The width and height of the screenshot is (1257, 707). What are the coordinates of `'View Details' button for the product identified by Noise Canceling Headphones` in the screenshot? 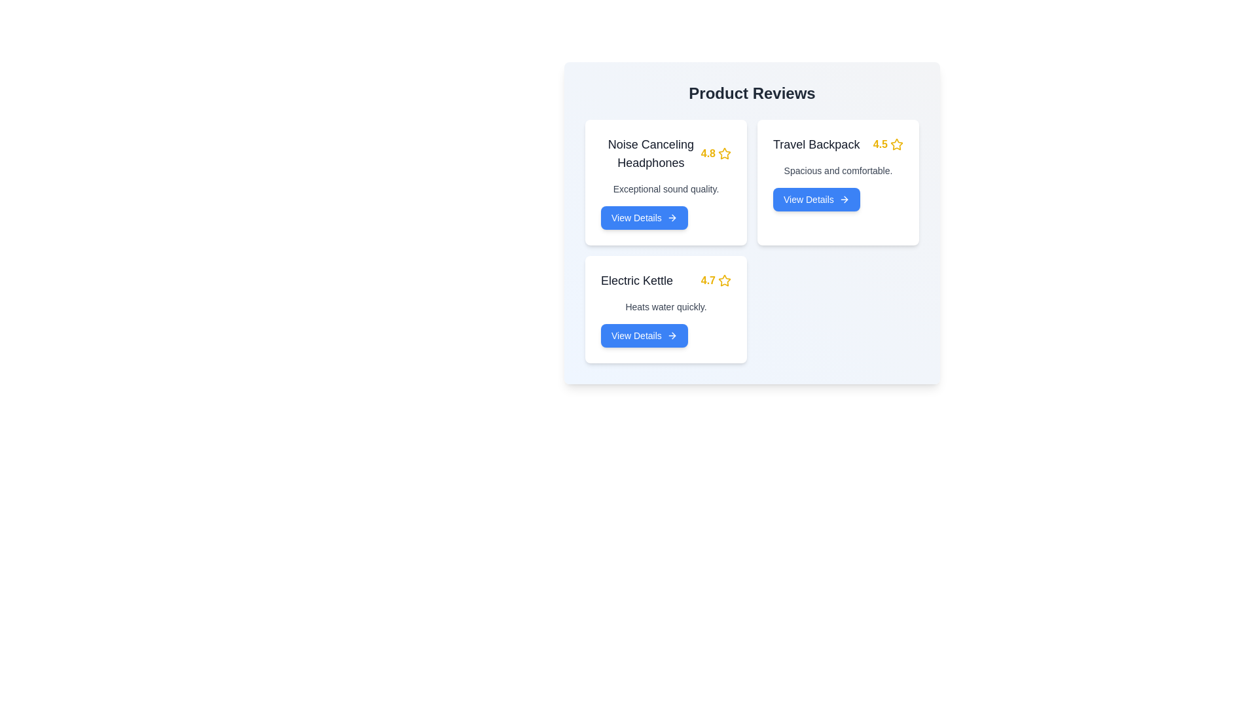 It's located at (644, 217).